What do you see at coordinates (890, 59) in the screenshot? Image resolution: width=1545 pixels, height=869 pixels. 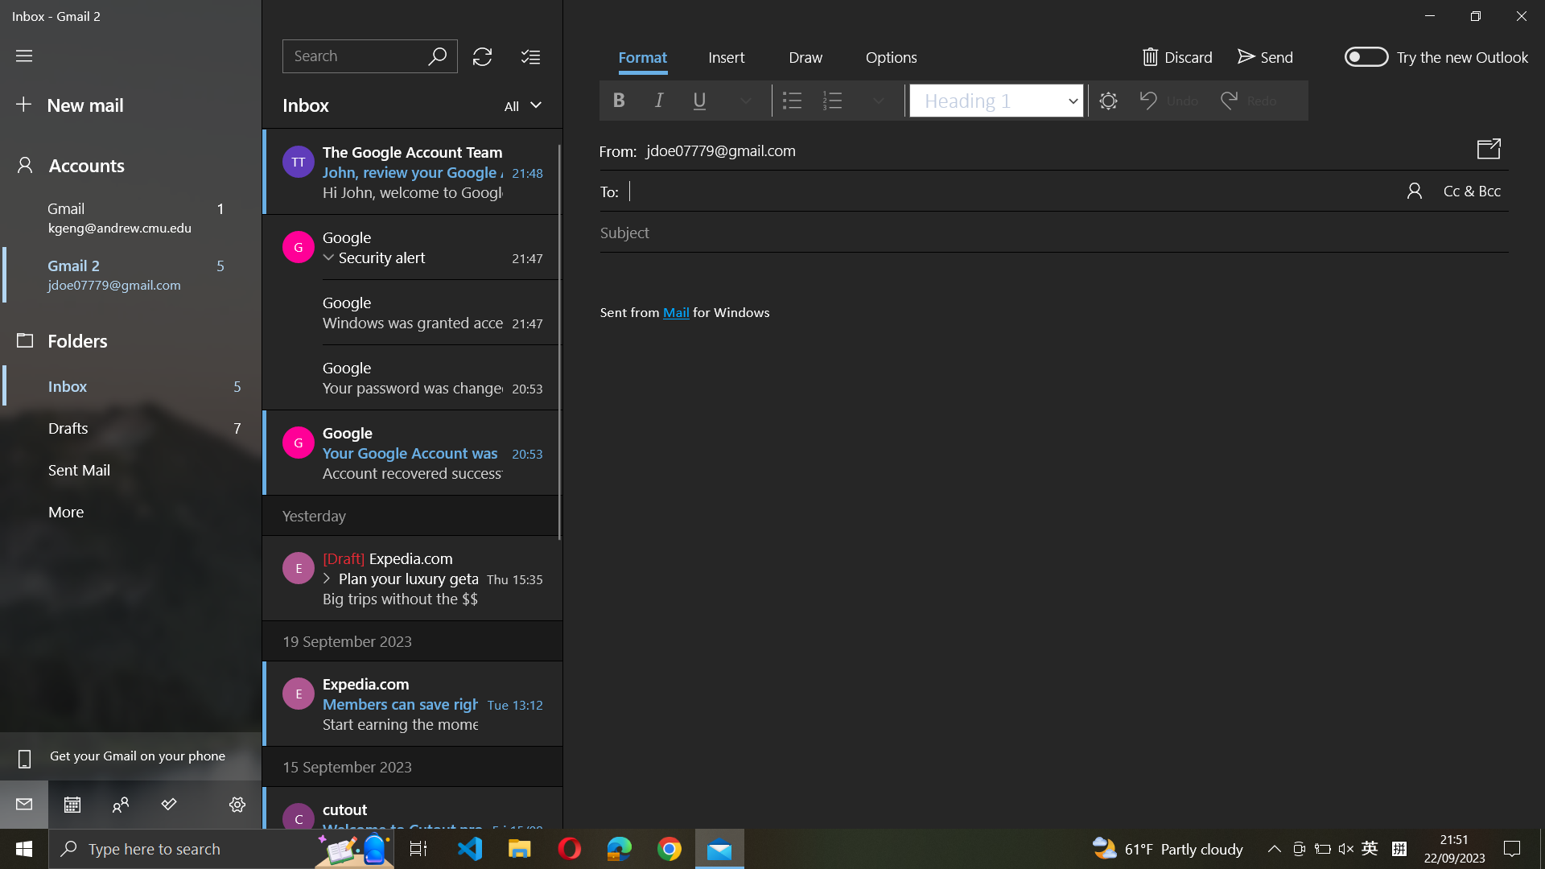 I see `the "Mark as Spam" feature from settings menu` at bounding box center [890, 59].